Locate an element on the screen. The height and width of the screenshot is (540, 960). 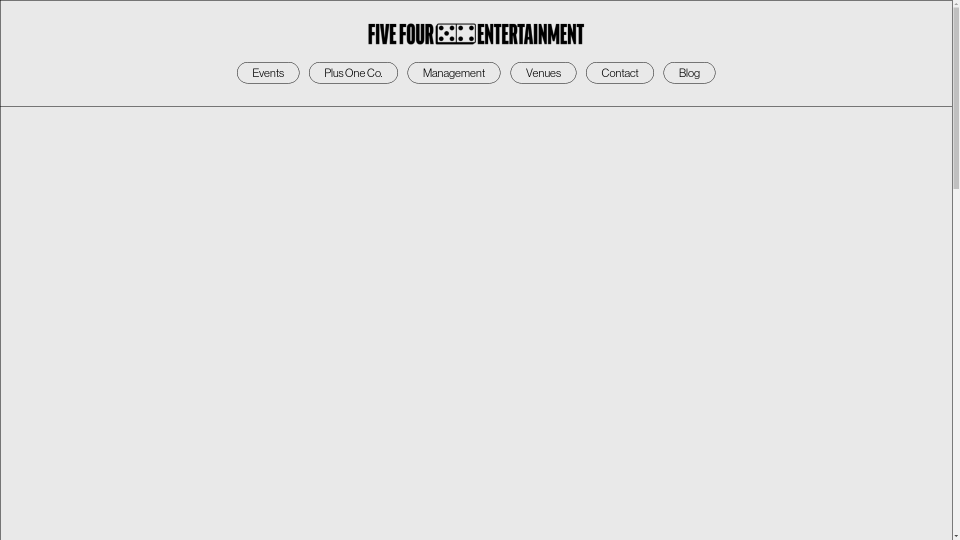
'Blog' is located at coordinates (688, 72).